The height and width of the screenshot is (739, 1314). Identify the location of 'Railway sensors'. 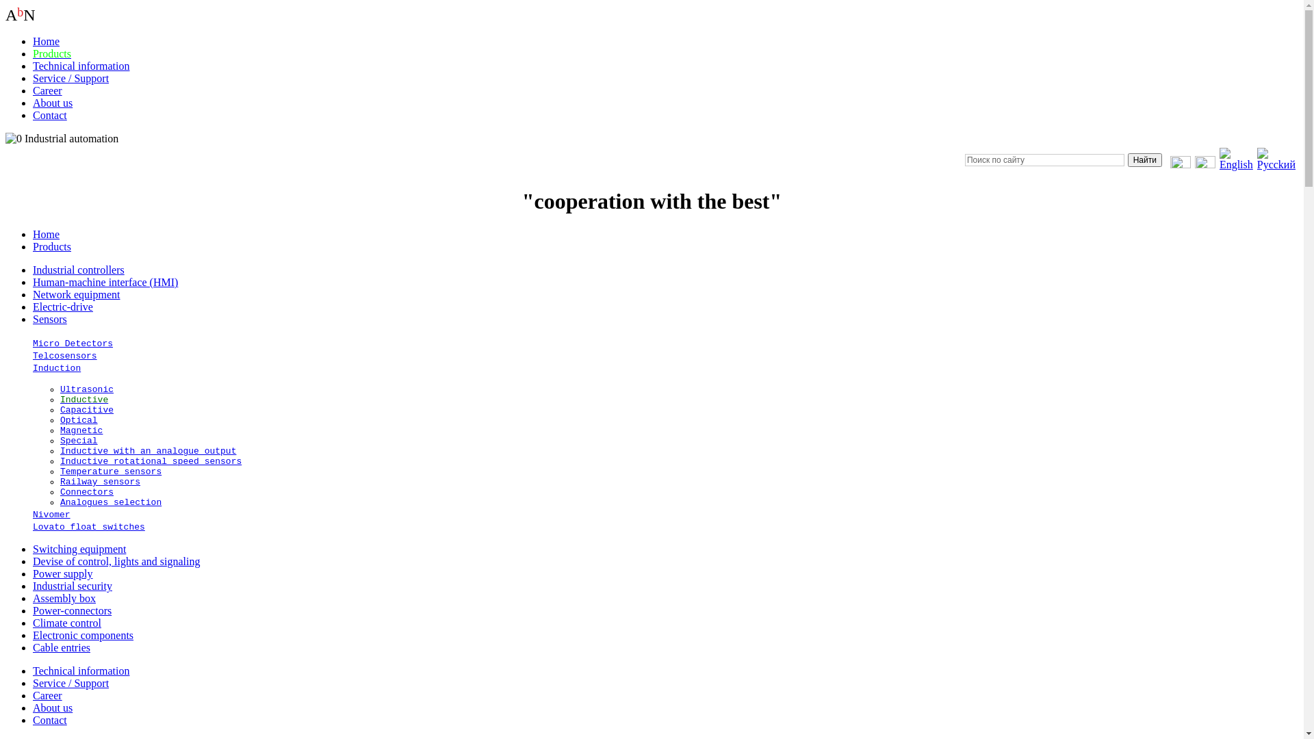
(99, 481).